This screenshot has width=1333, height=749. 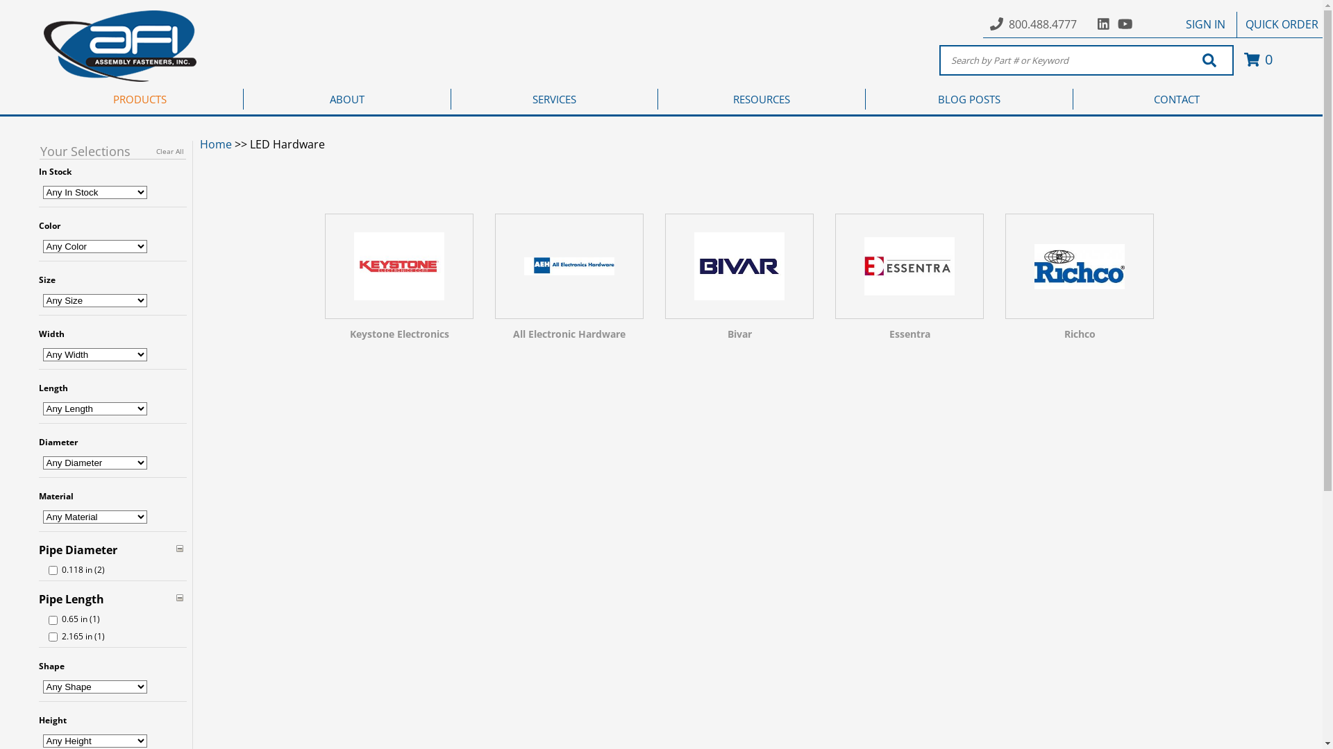 What do you see at coordinates (969, 98) in the screenshot?
I see `'BLOG POSTS'` at bounding box center [969, 98].